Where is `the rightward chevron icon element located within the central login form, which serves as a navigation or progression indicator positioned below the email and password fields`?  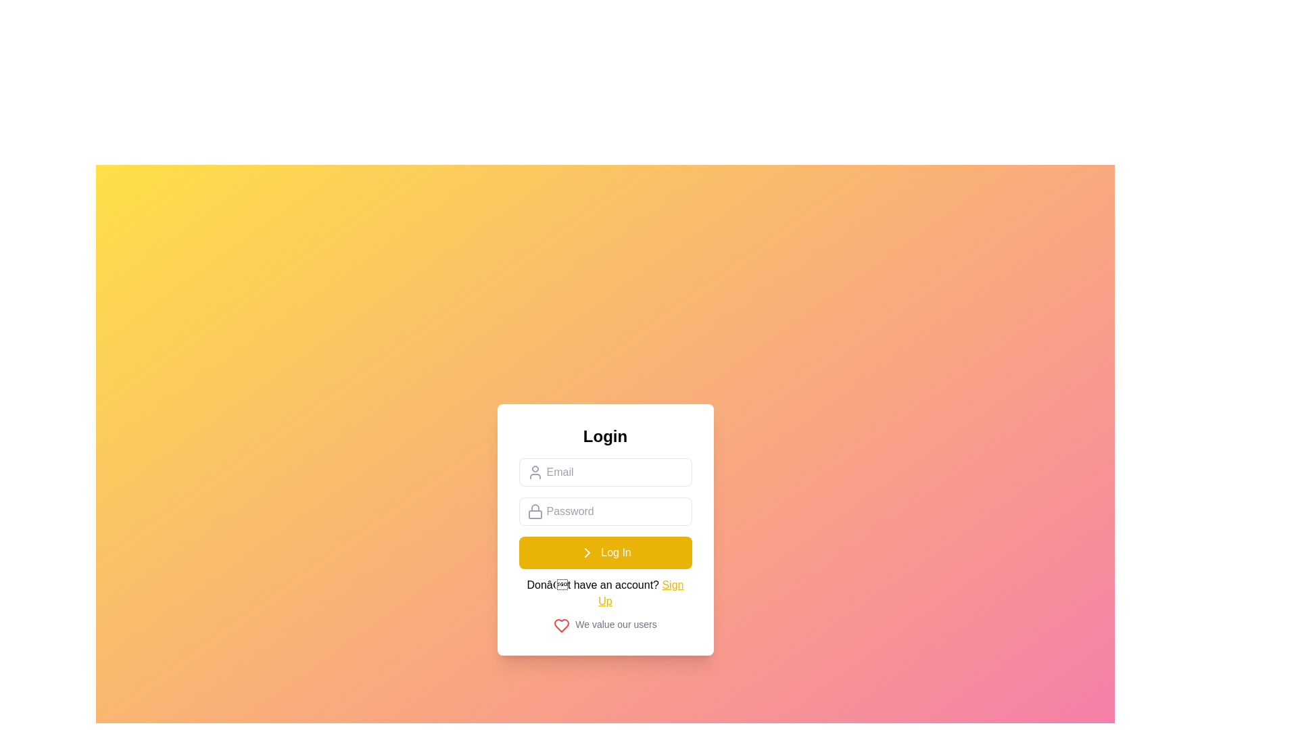
the rightward chevron icon element located within the central login form, which serves as a navigation or progression indicator positioned below the email and password fields is located at coordinates (587, 552).